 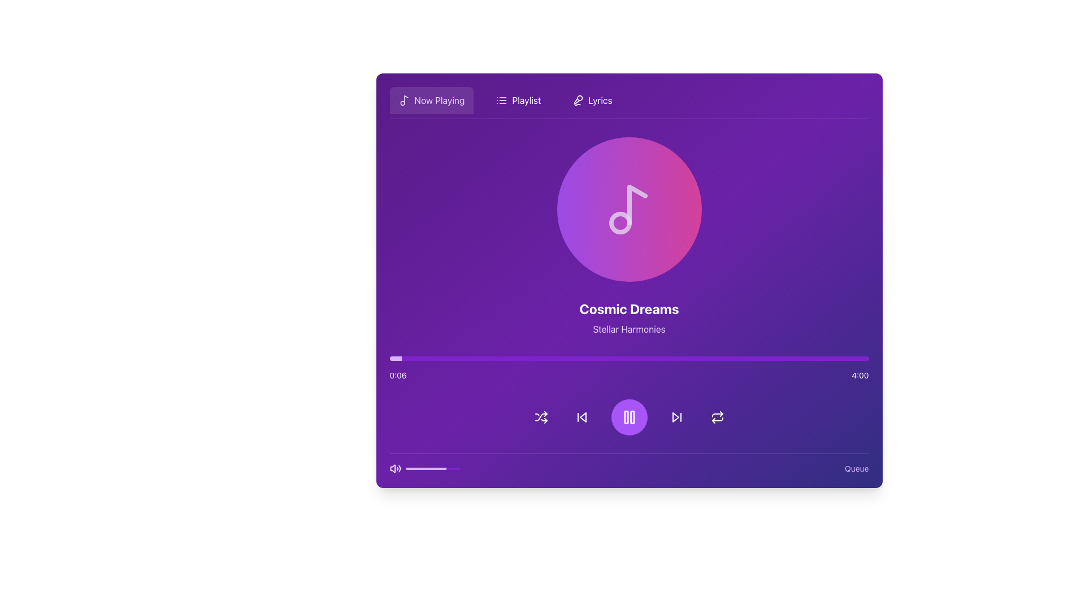 What do you see at coordinates (857, 468) in the screenshot?
I see `the text link or button located at the bottom-right corner of the interface` at bounding box center [857, 468].